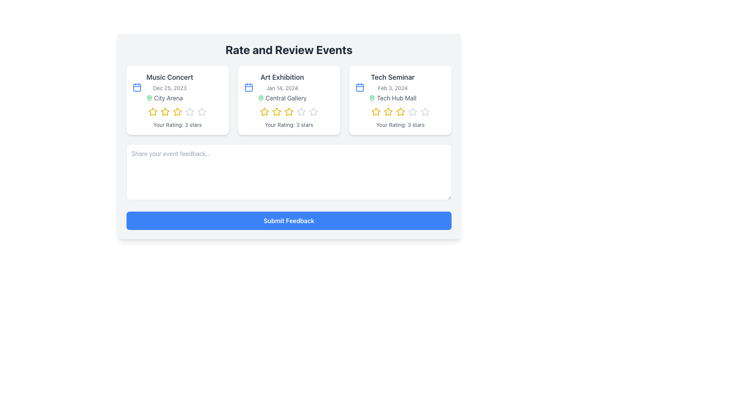 This screenshot has width=736, height=414. I want to click on the second star icon in the rating control for the 'Art Exhibition' event, so click(276, 112).